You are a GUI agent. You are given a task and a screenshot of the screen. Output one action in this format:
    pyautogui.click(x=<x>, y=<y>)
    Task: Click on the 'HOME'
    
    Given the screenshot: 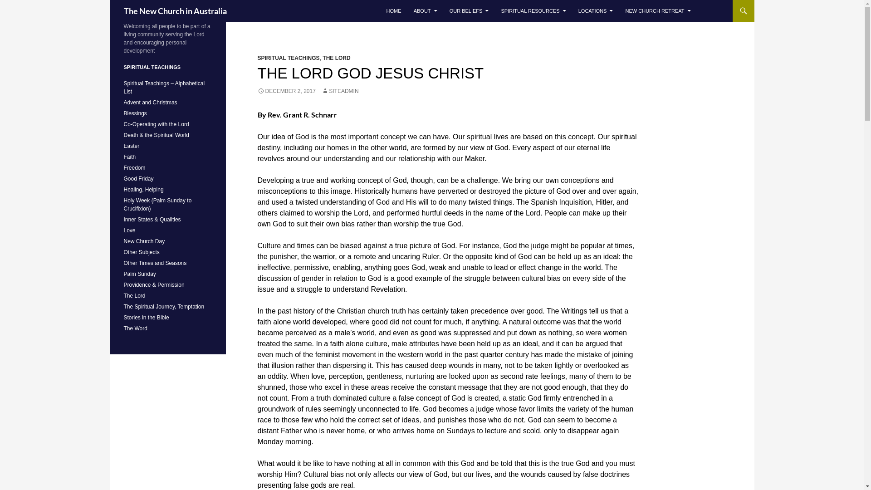 What is the action you would take?
    pyautogui.click(x=381, y=10)
    